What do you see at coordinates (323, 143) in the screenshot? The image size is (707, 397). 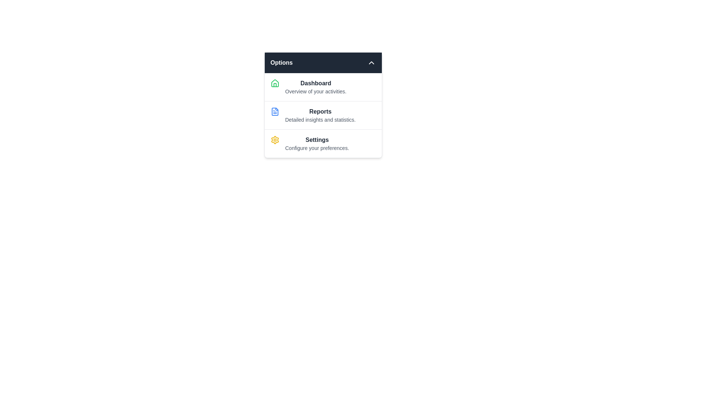 I see `the List option containing a yellow 'gear' icon and bold text 'Settings'` at bounding box center [323, 143].